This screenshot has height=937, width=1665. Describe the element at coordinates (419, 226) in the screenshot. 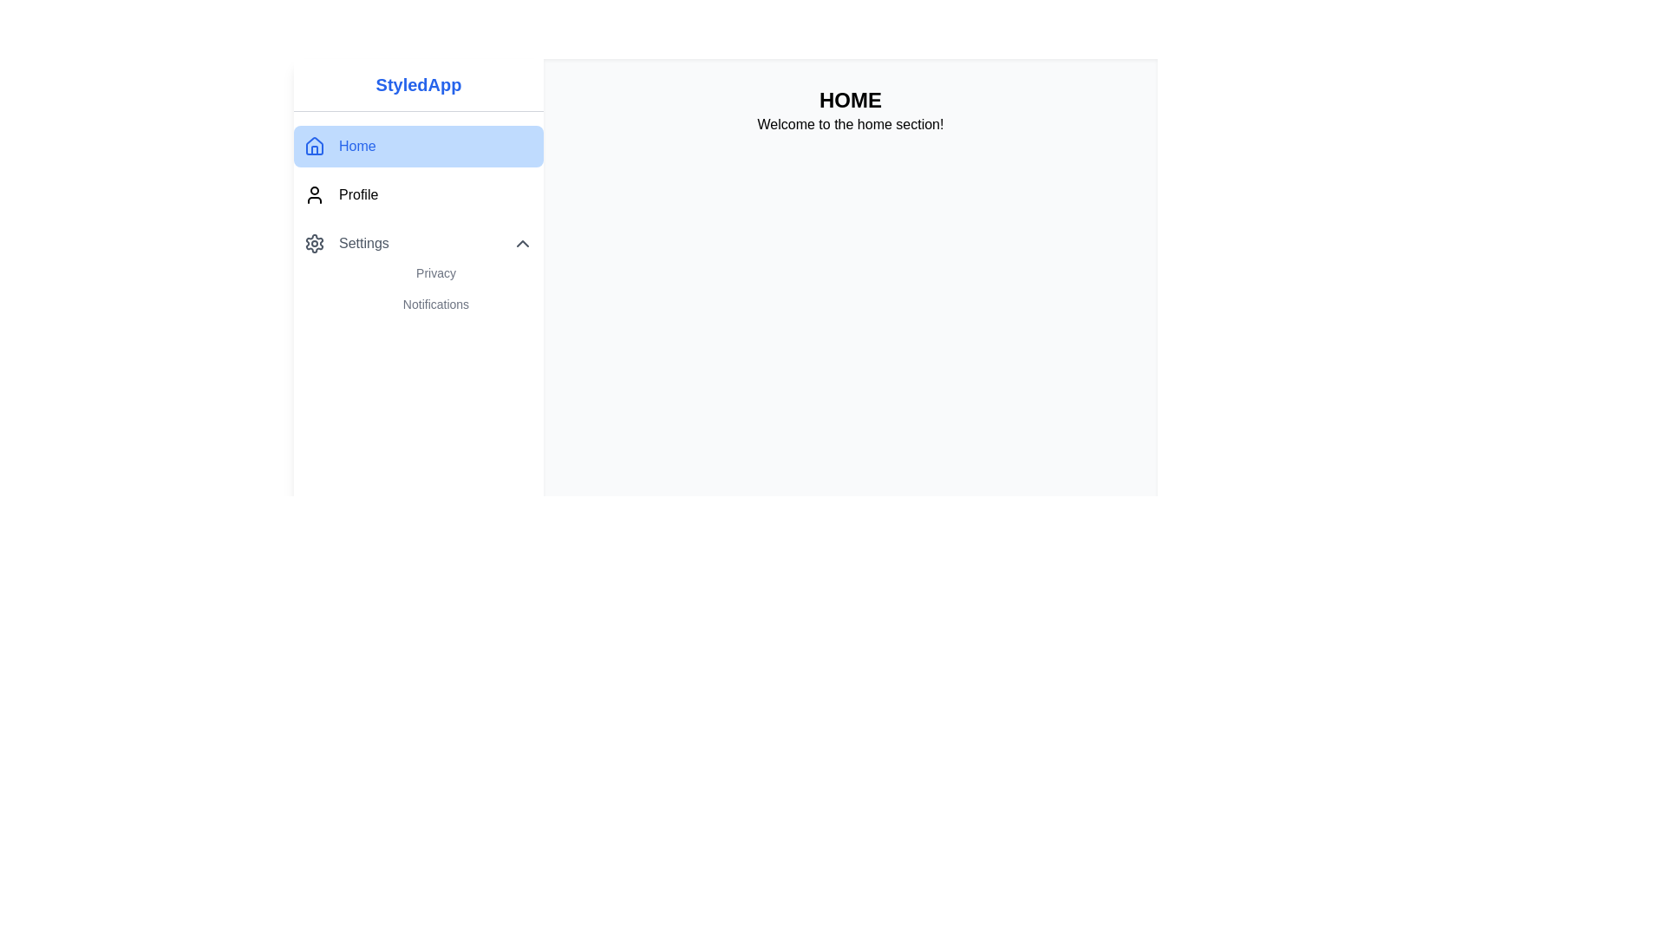

I see `the 'Privacy' item in the vertical navigation menu located in the left sidebar of the application interface` at that location.